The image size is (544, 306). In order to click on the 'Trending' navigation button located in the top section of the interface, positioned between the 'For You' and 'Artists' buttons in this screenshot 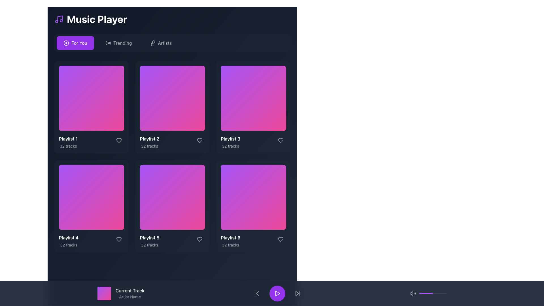, I will do `click(118, 42)`.